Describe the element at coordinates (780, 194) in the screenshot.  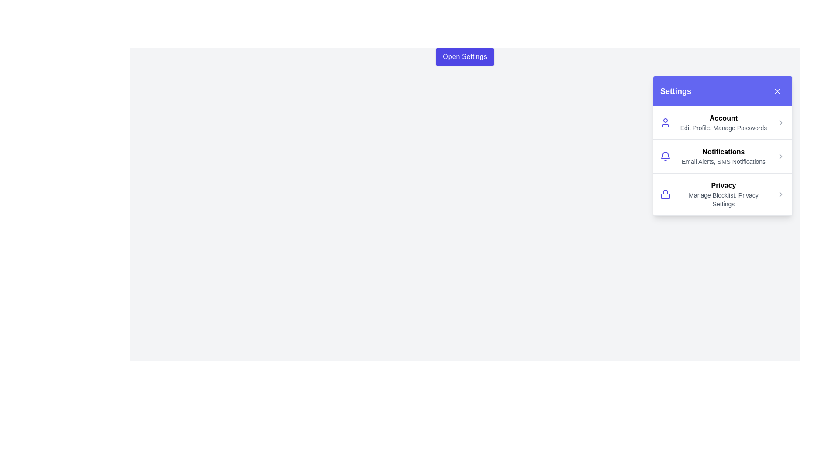
I see `the chevron icon located at the right end of the 'Privacy' item in the settings menu panel` at that location.